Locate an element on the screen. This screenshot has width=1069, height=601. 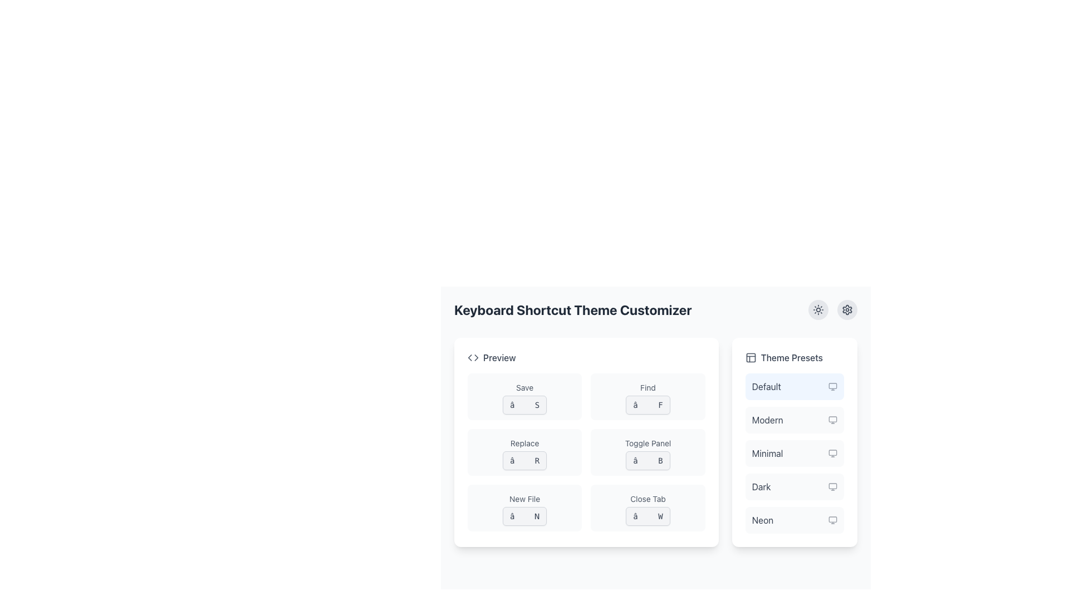
the 'Modern' button, which is a light gray rectangular button with rounded corners, located under the 'Theme Presets' section is located at coordinates (794, 420).